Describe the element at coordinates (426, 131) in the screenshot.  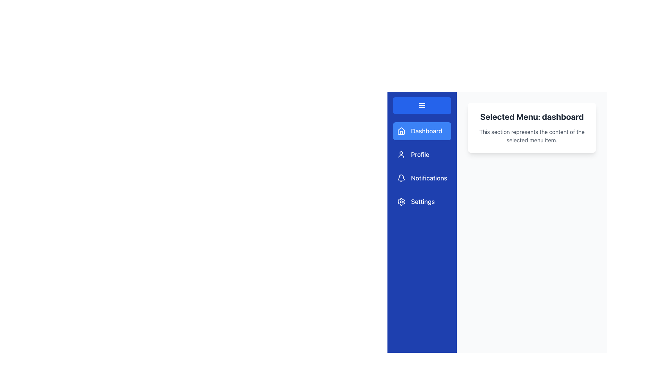
I see `text label for the 'Dashboard' menu item located on the left navigation panel, to the right of the house-shaped icon` at that location.